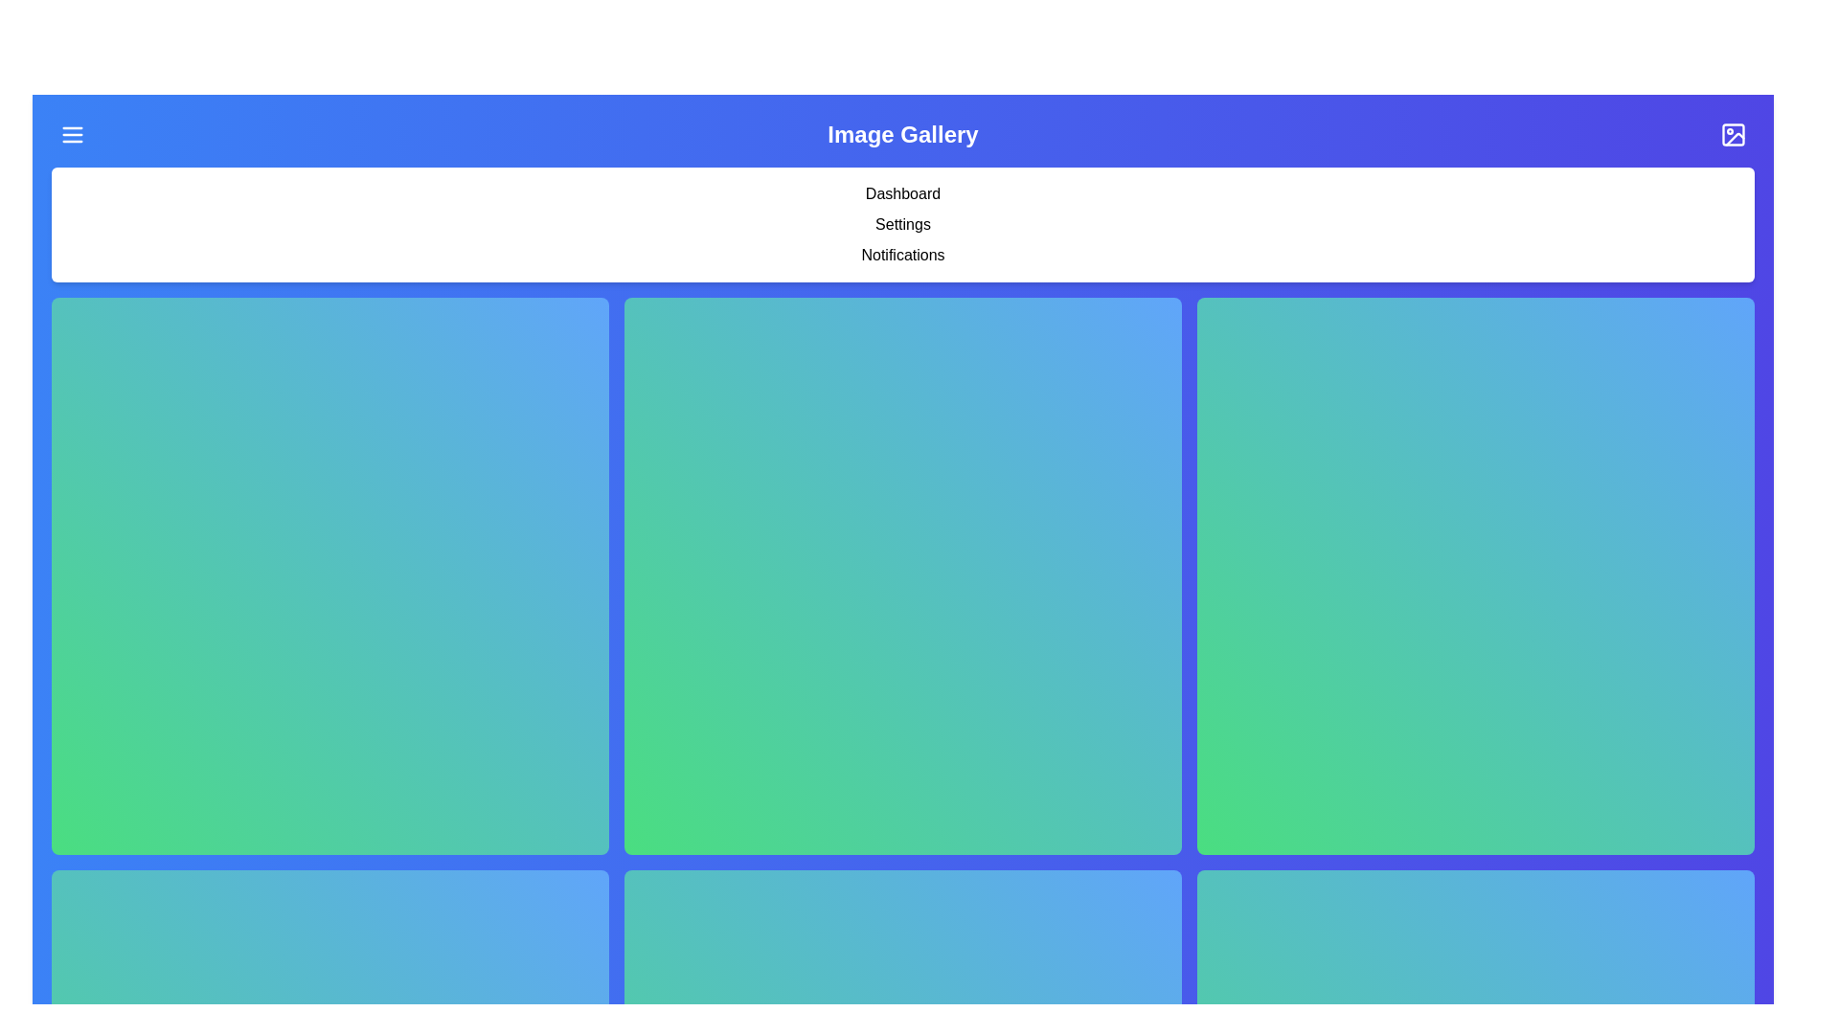 This screenshot has height=1034, width=1839. Describe the element at coordinates (1733, 134) in the screenshot. I see `gallery button to toggle the gallery section` at that location.